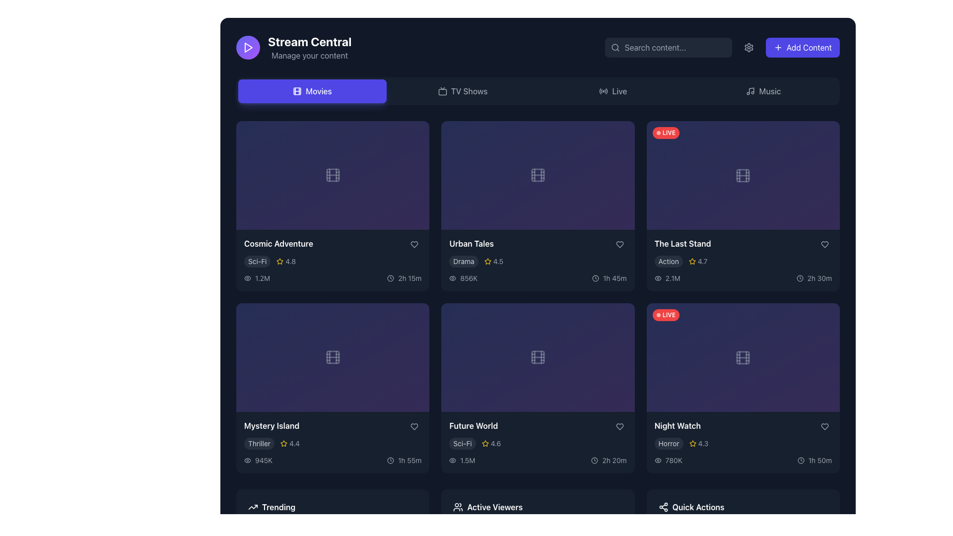  Describe the element at coordinates (777, 48) in the screenshot. I see `the plus icon embedded in the 'Add Content' button, which has a bright indigo background and white text, located at the top-right corner of the interface` at that location.